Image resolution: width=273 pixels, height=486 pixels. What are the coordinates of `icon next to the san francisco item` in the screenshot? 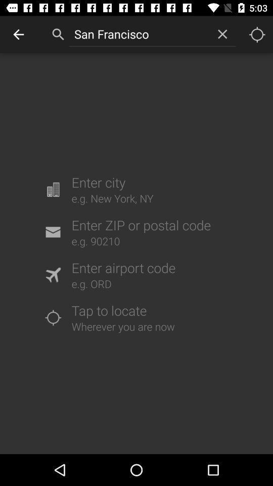 It's located at (222, 34).